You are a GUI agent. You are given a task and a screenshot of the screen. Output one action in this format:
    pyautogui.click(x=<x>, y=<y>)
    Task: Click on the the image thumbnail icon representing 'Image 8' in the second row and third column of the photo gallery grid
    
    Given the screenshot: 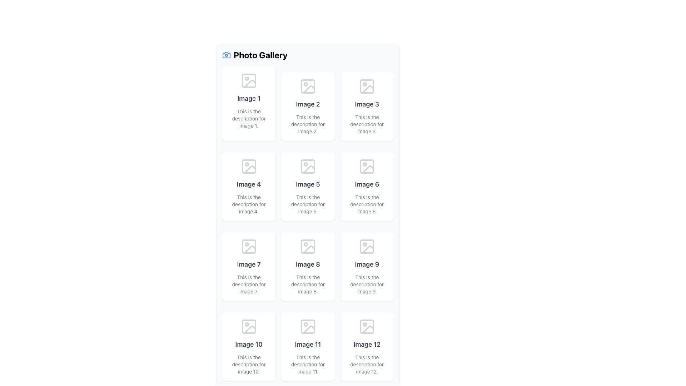 What is the action you would take?
    pyautogui.click(x=308, y=246)
    